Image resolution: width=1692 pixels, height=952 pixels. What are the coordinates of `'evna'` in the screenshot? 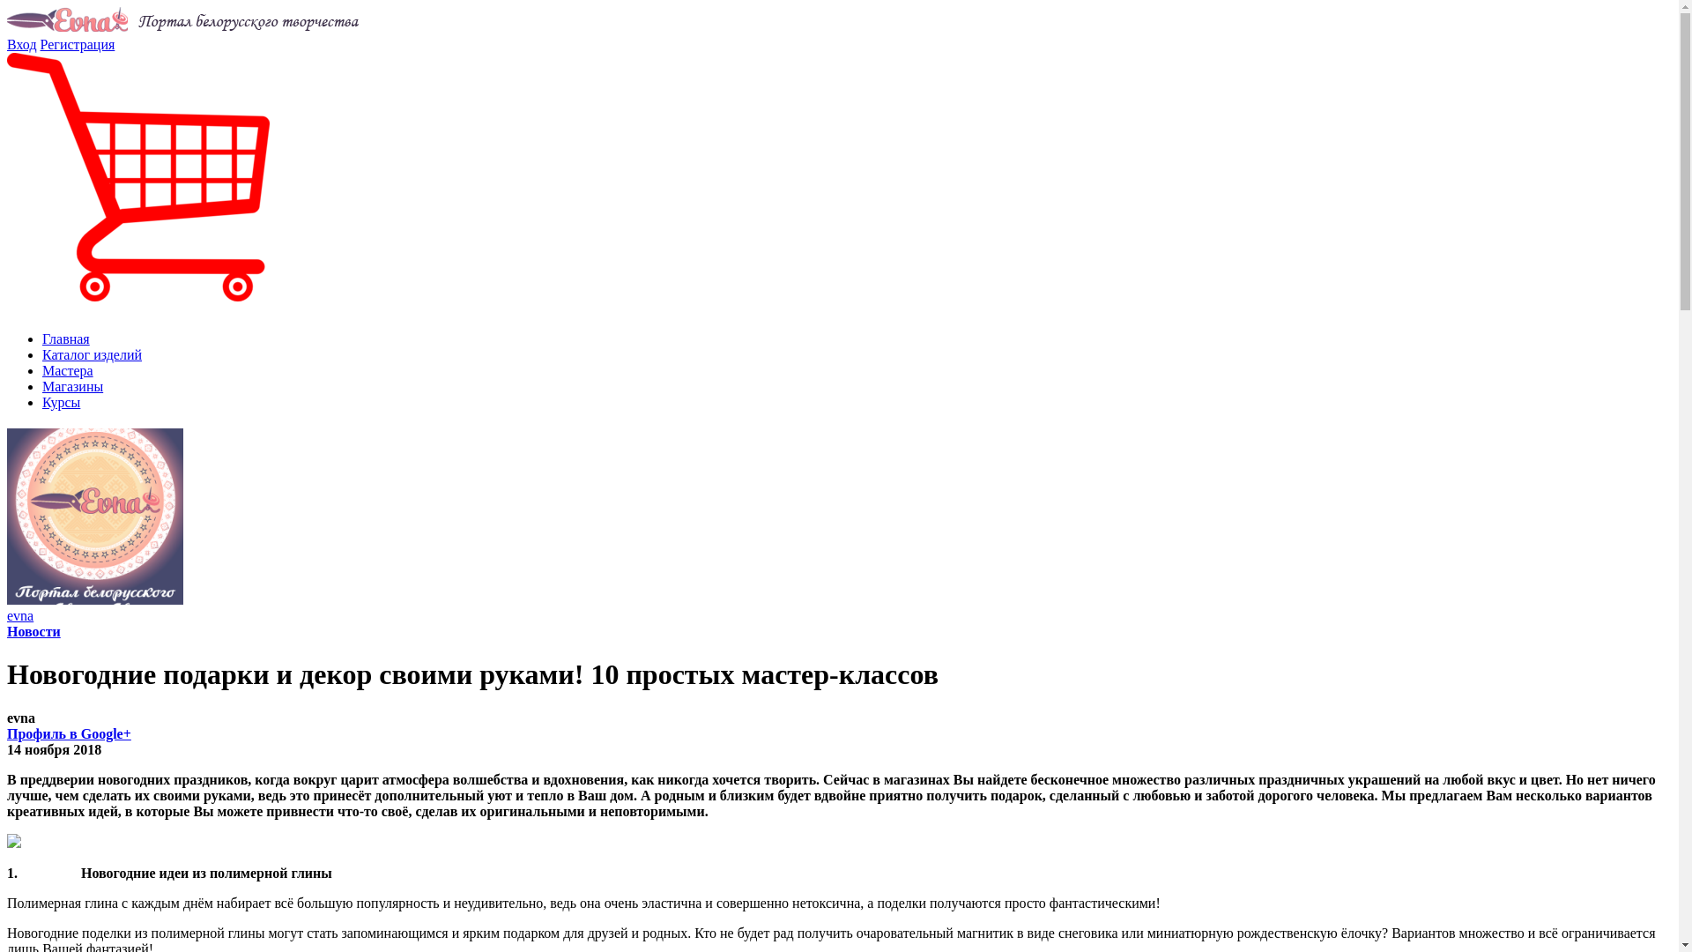 It's located at (20, 614).